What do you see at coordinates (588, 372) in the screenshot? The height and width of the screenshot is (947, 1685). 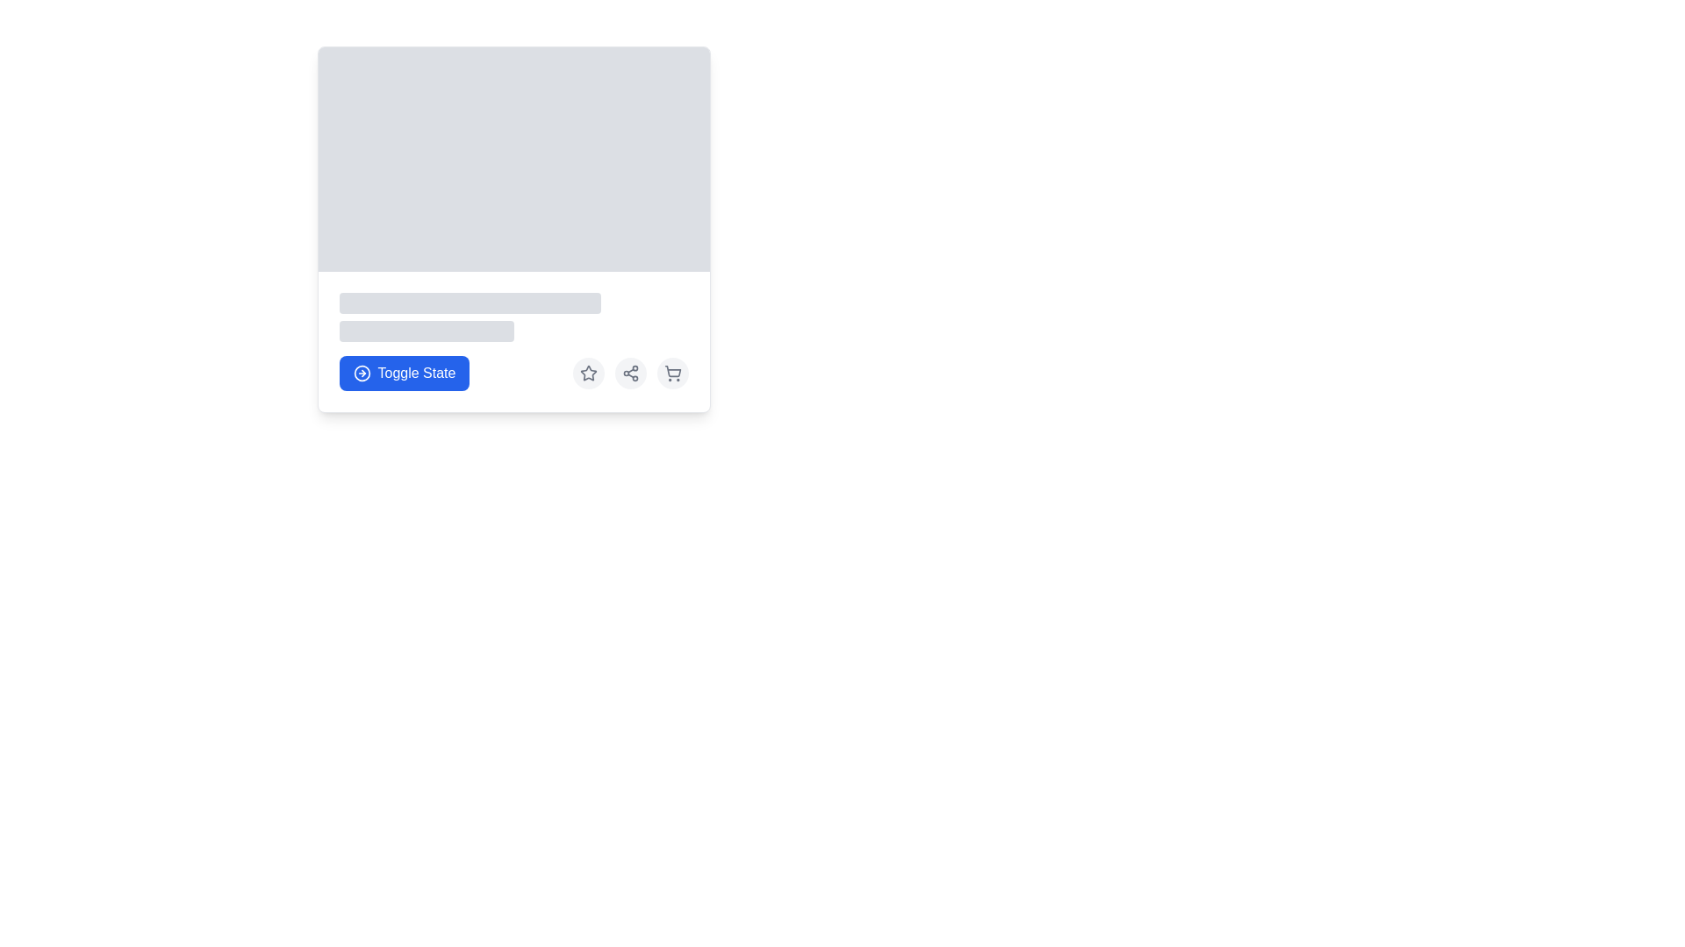 I see `the first circular button with a gray background and a star icon to mark the item as favorite` at bounding box center [588, 372].